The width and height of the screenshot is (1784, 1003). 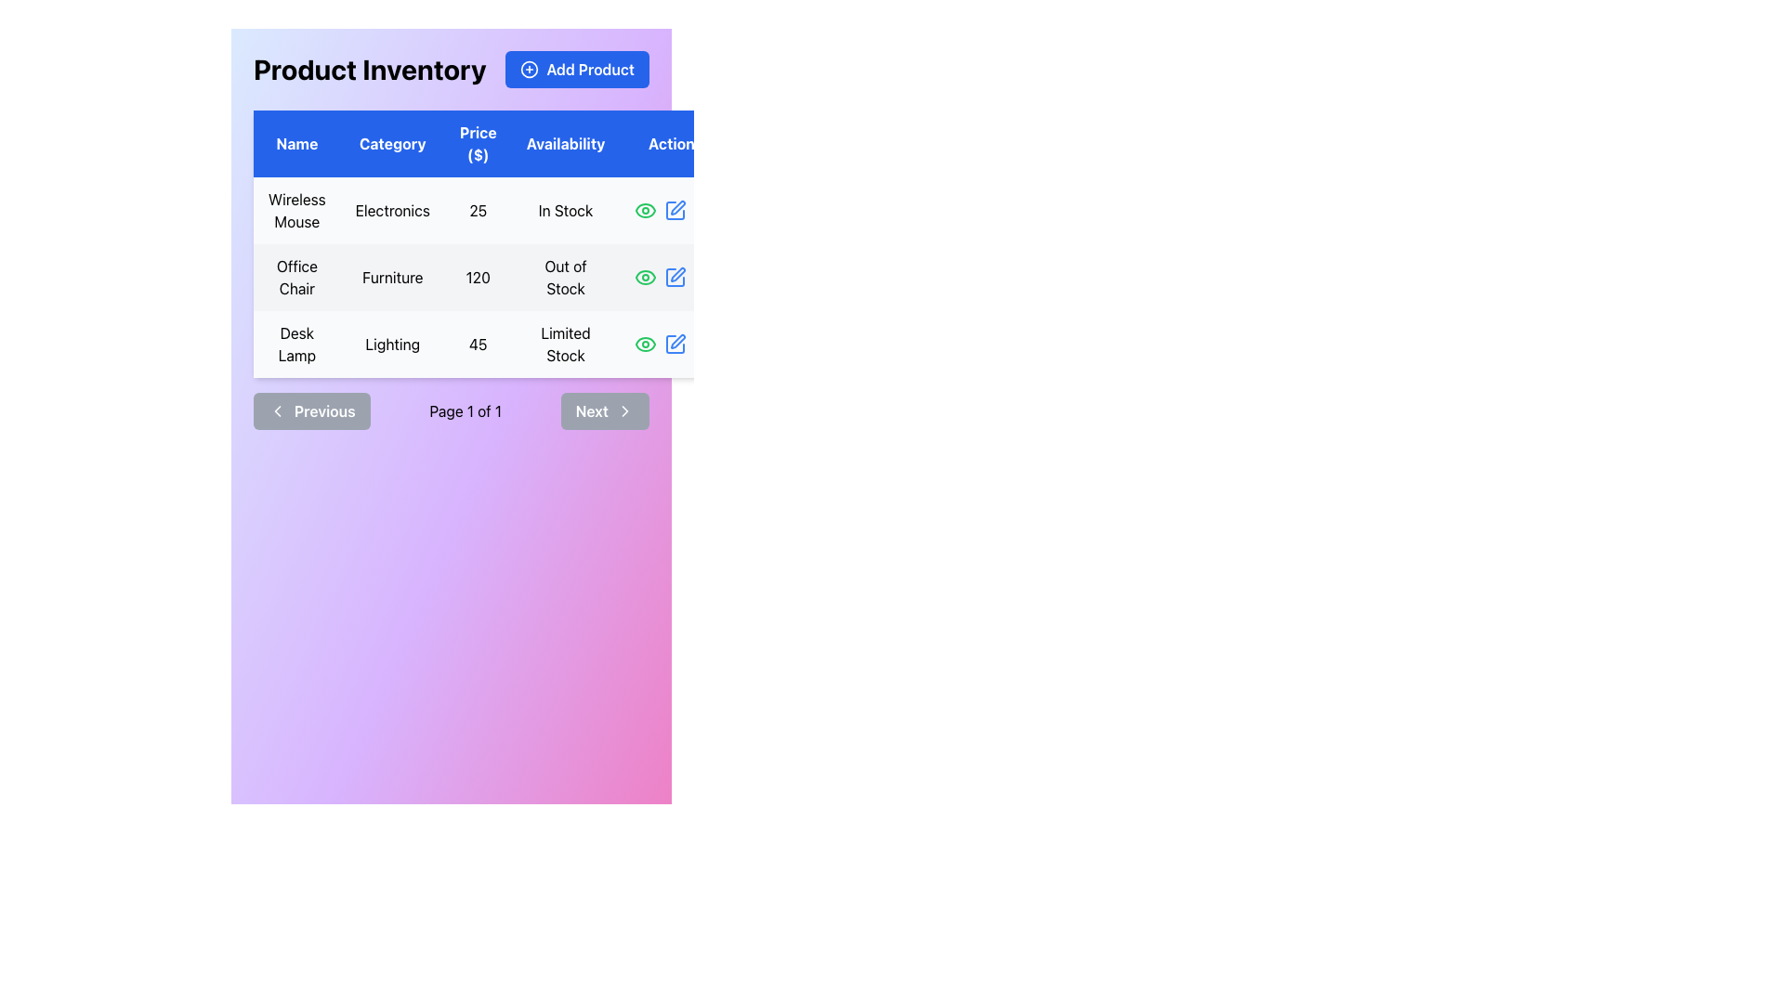 What do you see at coordinates (677, 207) in the screenshot?
I see `the edit icon for the 'Office Chair' product in the second row of the Actions column` at bounding box center [677, 207].